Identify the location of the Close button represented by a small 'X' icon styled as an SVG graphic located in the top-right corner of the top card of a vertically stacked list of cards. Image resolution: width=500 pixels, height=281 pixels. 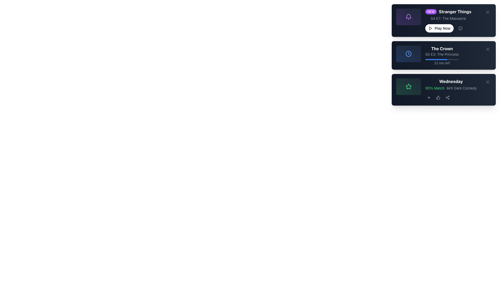
(487, 12).